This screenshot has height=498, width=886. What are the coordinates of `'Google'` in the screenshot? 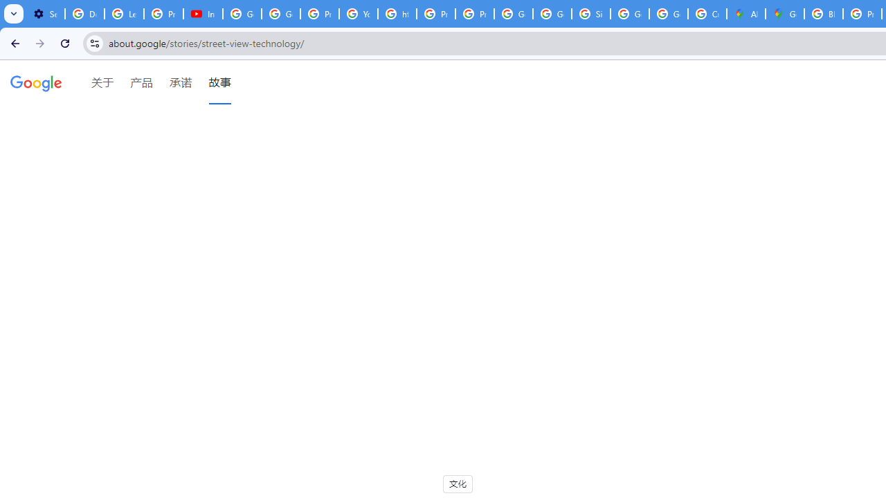 It's located at (36, 86).